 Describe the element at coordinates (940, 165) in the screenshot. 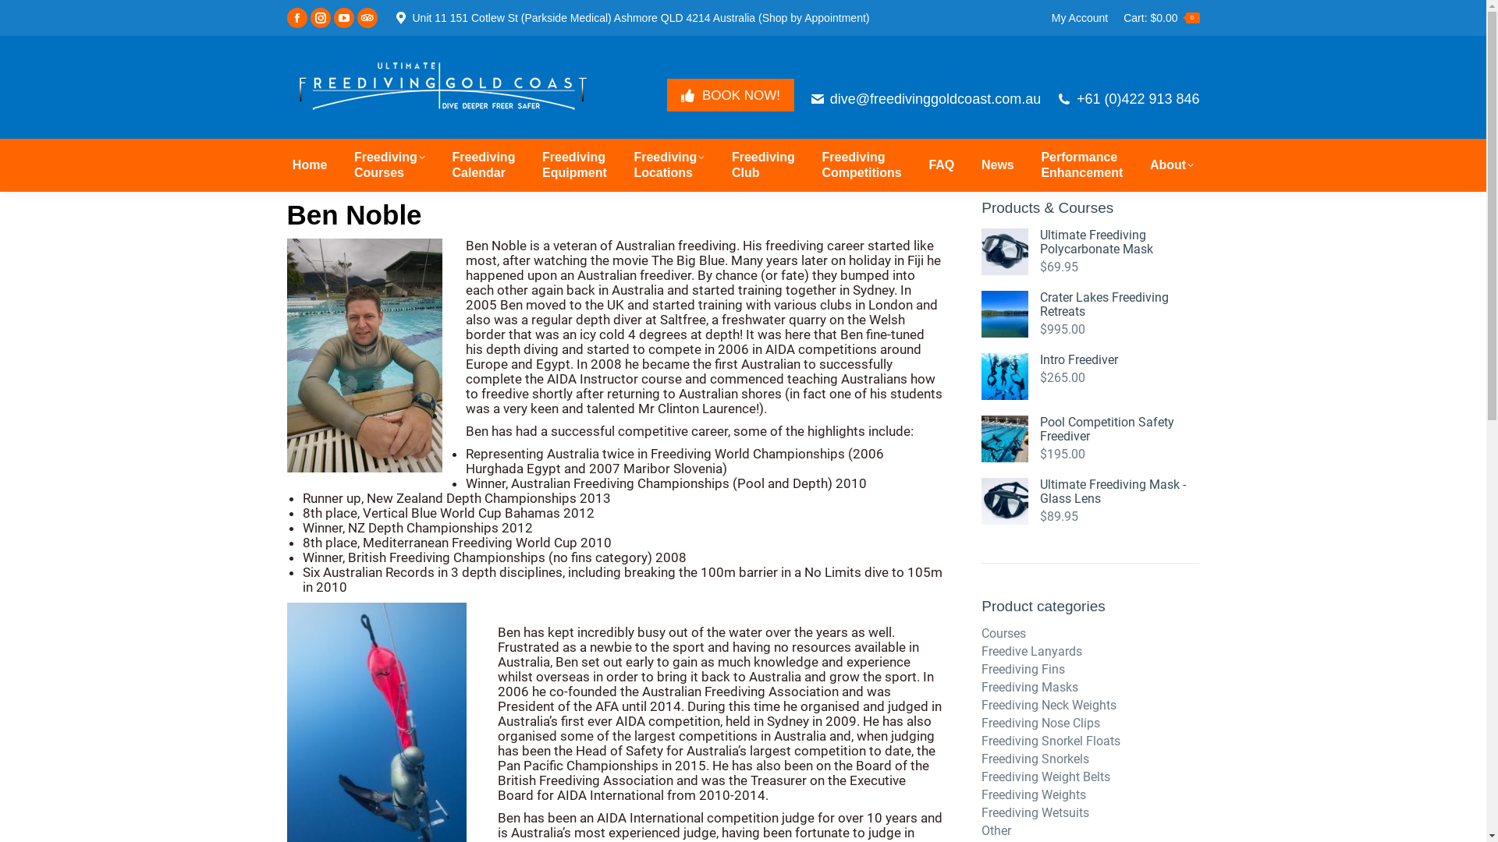

I see `'FAQ'` at that location.